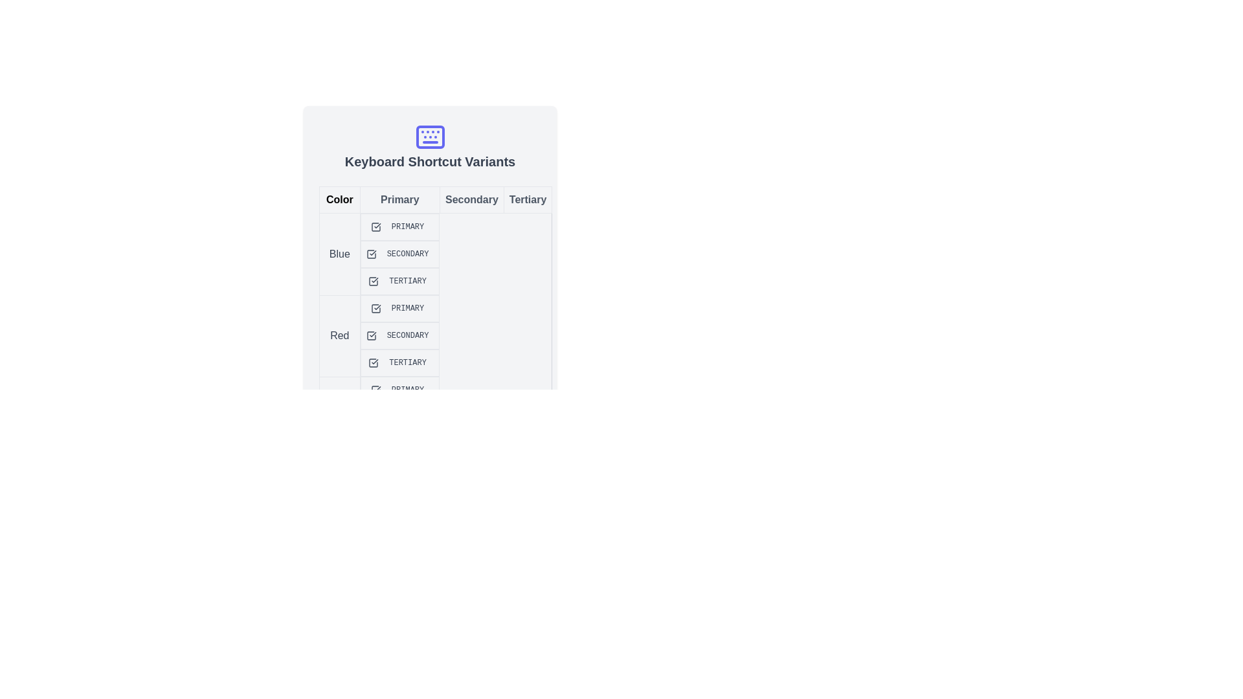 The image size is (1243, 699). I want to click on the graphical representation of the 'Primary' checkbox icon in the 'Red' category of the table, so click(375, 309).